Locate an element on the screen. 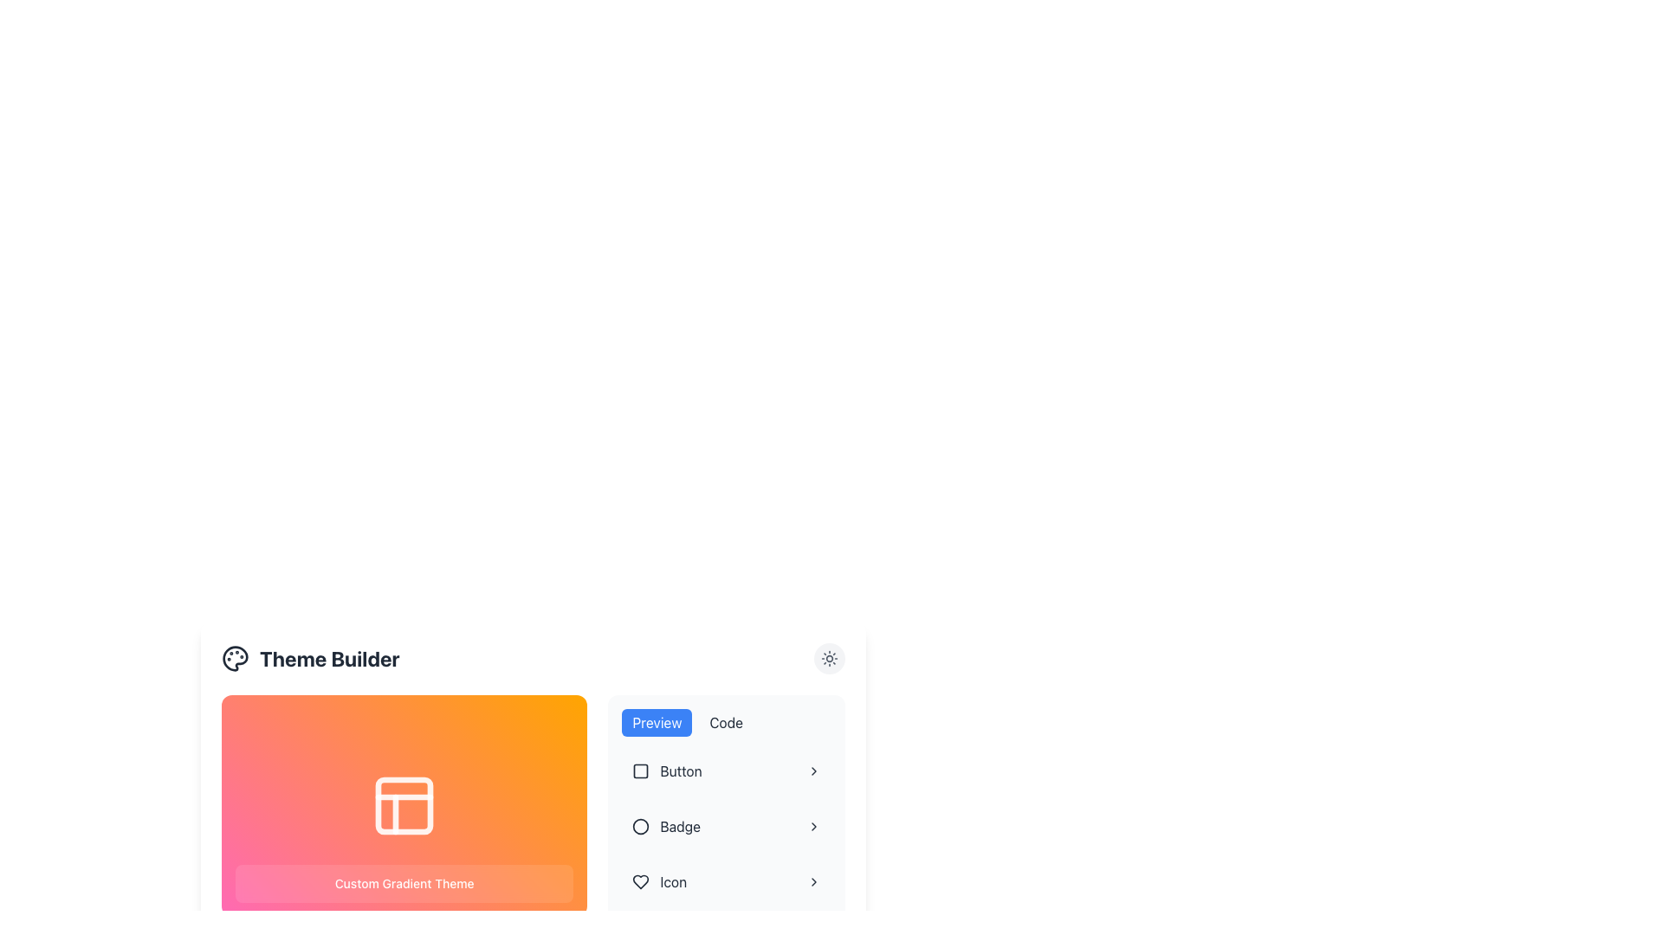  the label or header with an icon that identifies the 'Theme Builder' section located in the top-left segment of the interface is located at coordinates (310, 658).